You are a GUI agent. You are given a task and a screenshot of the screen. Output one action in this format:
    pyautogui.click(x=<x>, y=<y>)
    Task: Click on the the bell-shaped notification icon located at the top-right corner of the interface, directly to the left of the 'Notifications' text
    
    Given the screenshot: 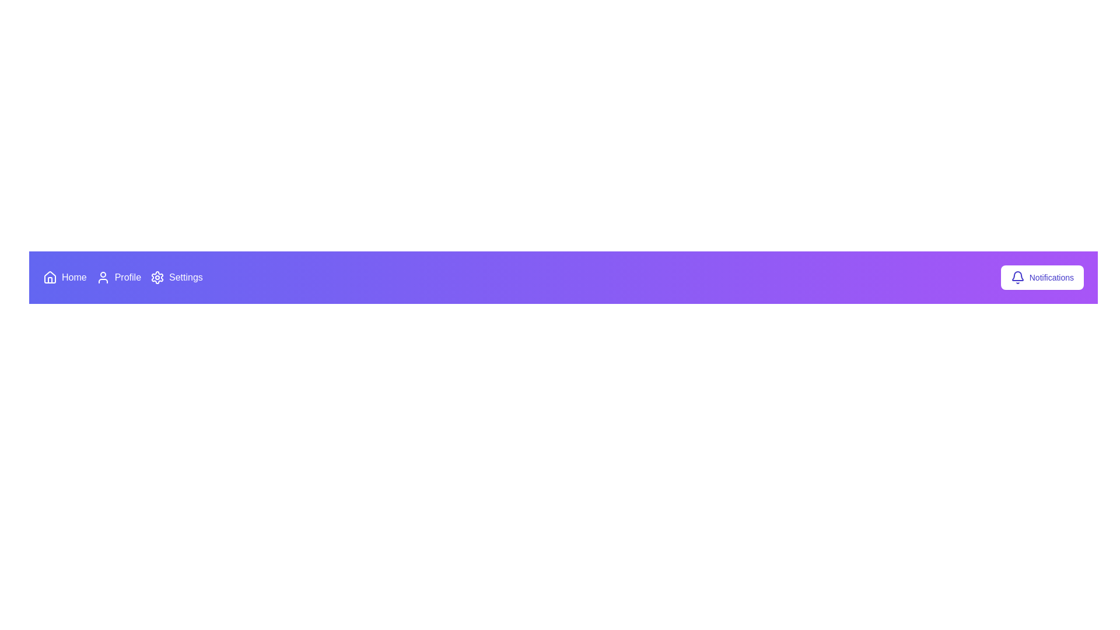 What is the action you would take?
    pyautogui.click(x=1017, y=277)
    